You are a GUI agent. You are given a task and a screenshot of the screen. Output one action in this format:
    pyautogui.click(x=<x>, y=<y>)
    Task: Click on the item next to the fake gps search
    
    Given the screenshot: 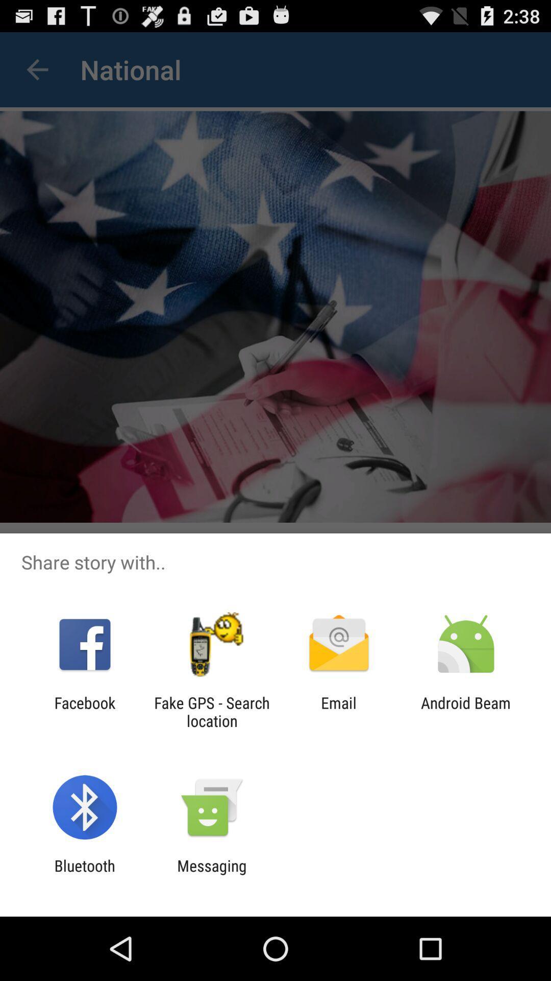 What is the action you would take?
    pyautogui.click(x=84, y=711)
    